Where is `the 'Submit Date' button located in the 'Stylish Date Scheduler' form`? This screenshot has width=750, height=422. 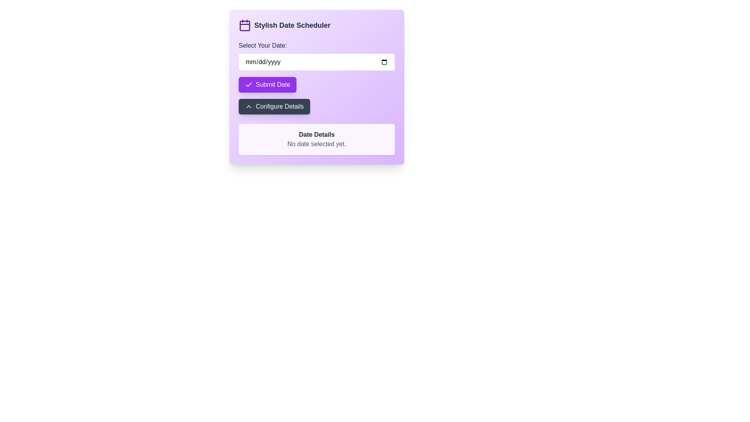
the 'Submit Date' button located in the 'Stylish Date Scheduler' form is located at coordinates (268, 84).